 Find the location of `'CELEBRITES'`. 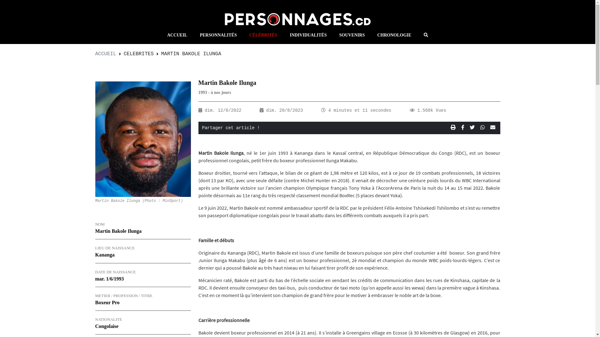

'CELEBRITES' is located at coordinates (138, 54).